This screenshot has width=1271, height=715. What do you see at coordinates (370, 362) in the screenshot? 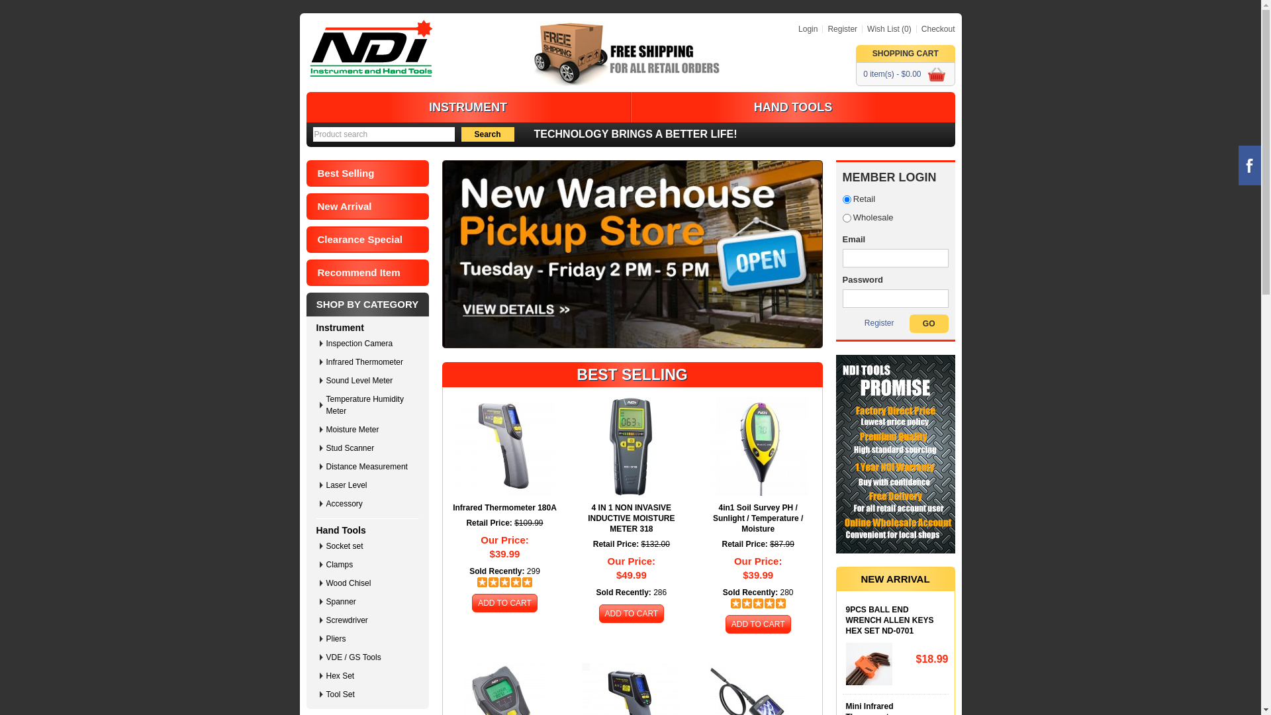
I see `'Infrared Thermometer'` at bounding box center [370, 362].